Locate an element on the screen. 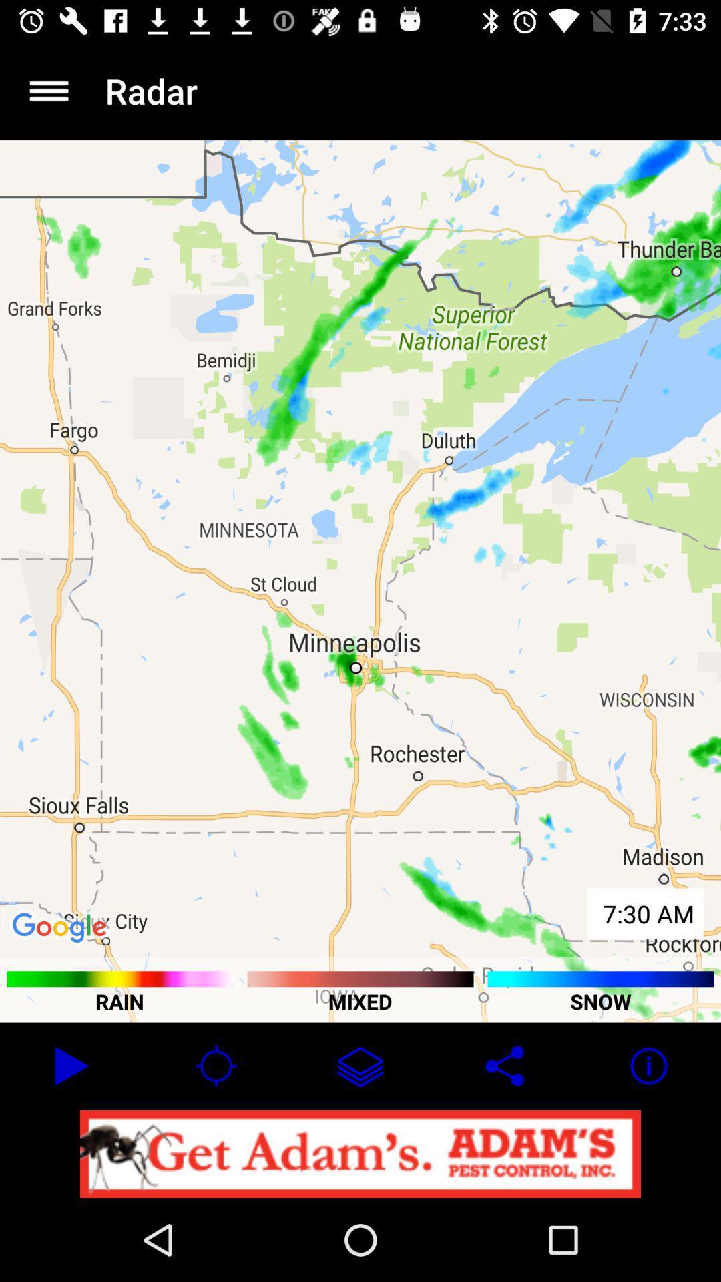 Image resolution: width=721 pixels, height=1282 pixels. icon next to the radar icon is located at coordinates (48, 90).